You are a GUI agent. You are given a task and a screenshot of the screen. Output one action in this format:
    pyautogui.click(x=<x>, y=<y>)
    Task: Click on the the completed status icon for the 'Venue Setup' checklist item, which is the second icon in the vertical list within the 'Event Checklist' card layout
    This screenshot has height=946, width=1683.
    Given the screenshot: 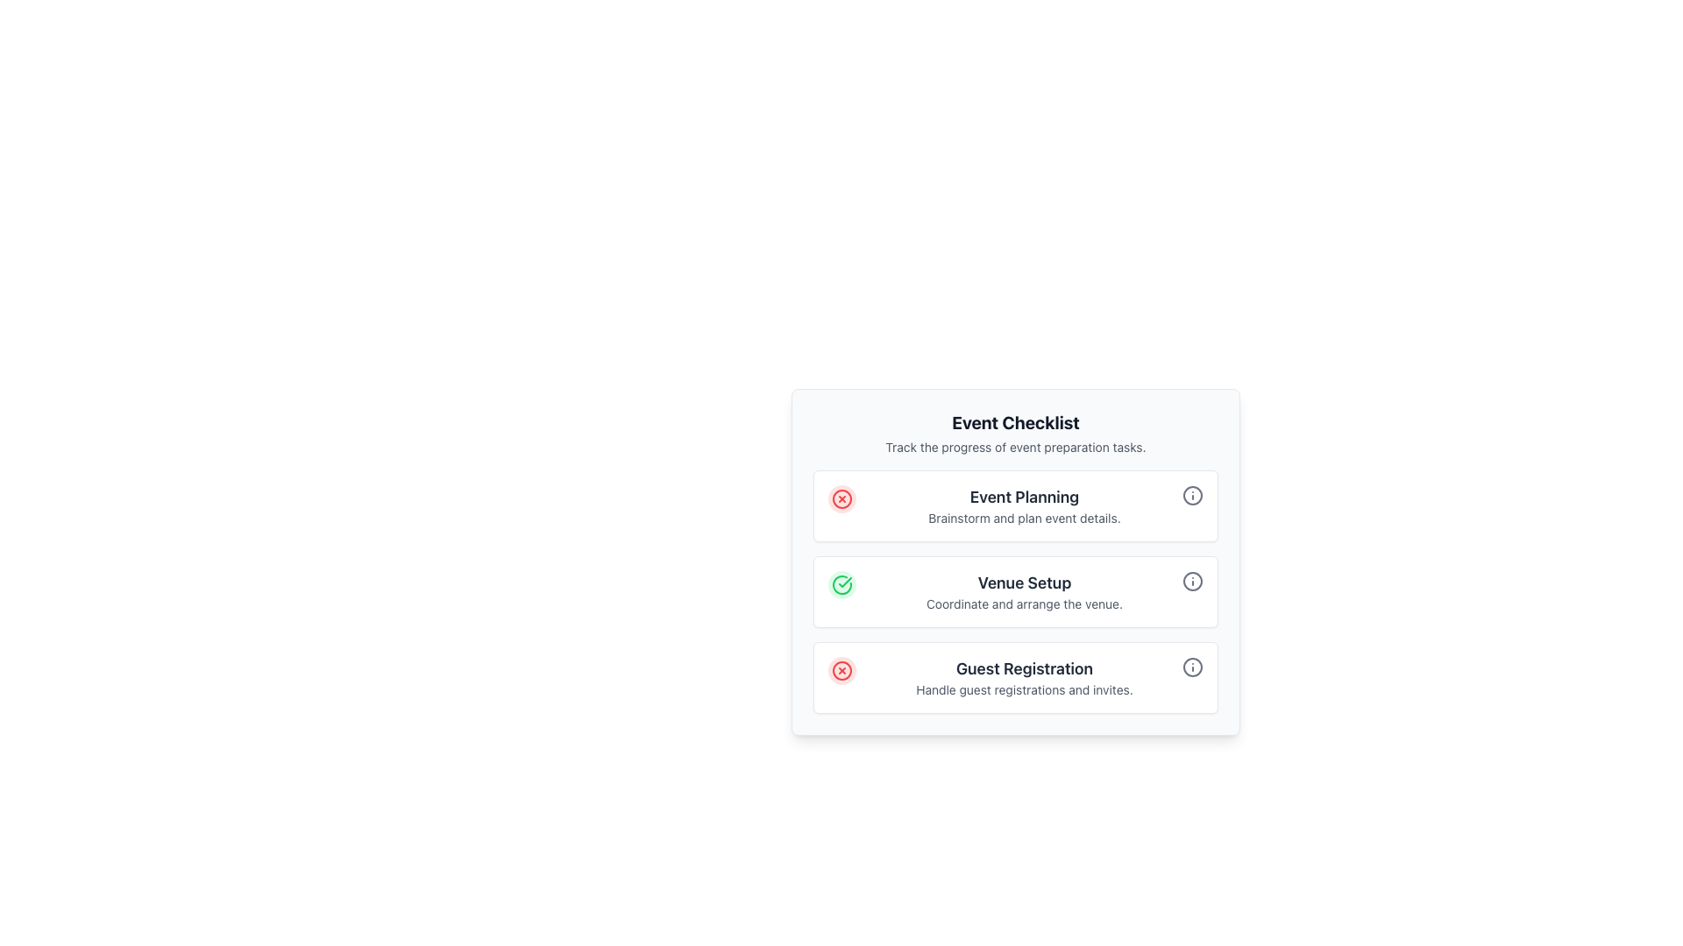 What is the action you would take?
    pyautogui.click(x=841, y=584)
    